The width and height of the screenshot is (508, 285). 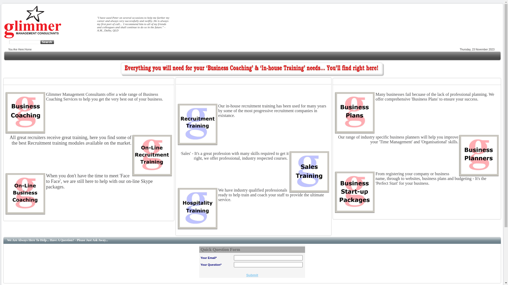 What do you see at coordinates (43, 42) in the screenshot?
I see `' '` at bounding box center [43, 42].